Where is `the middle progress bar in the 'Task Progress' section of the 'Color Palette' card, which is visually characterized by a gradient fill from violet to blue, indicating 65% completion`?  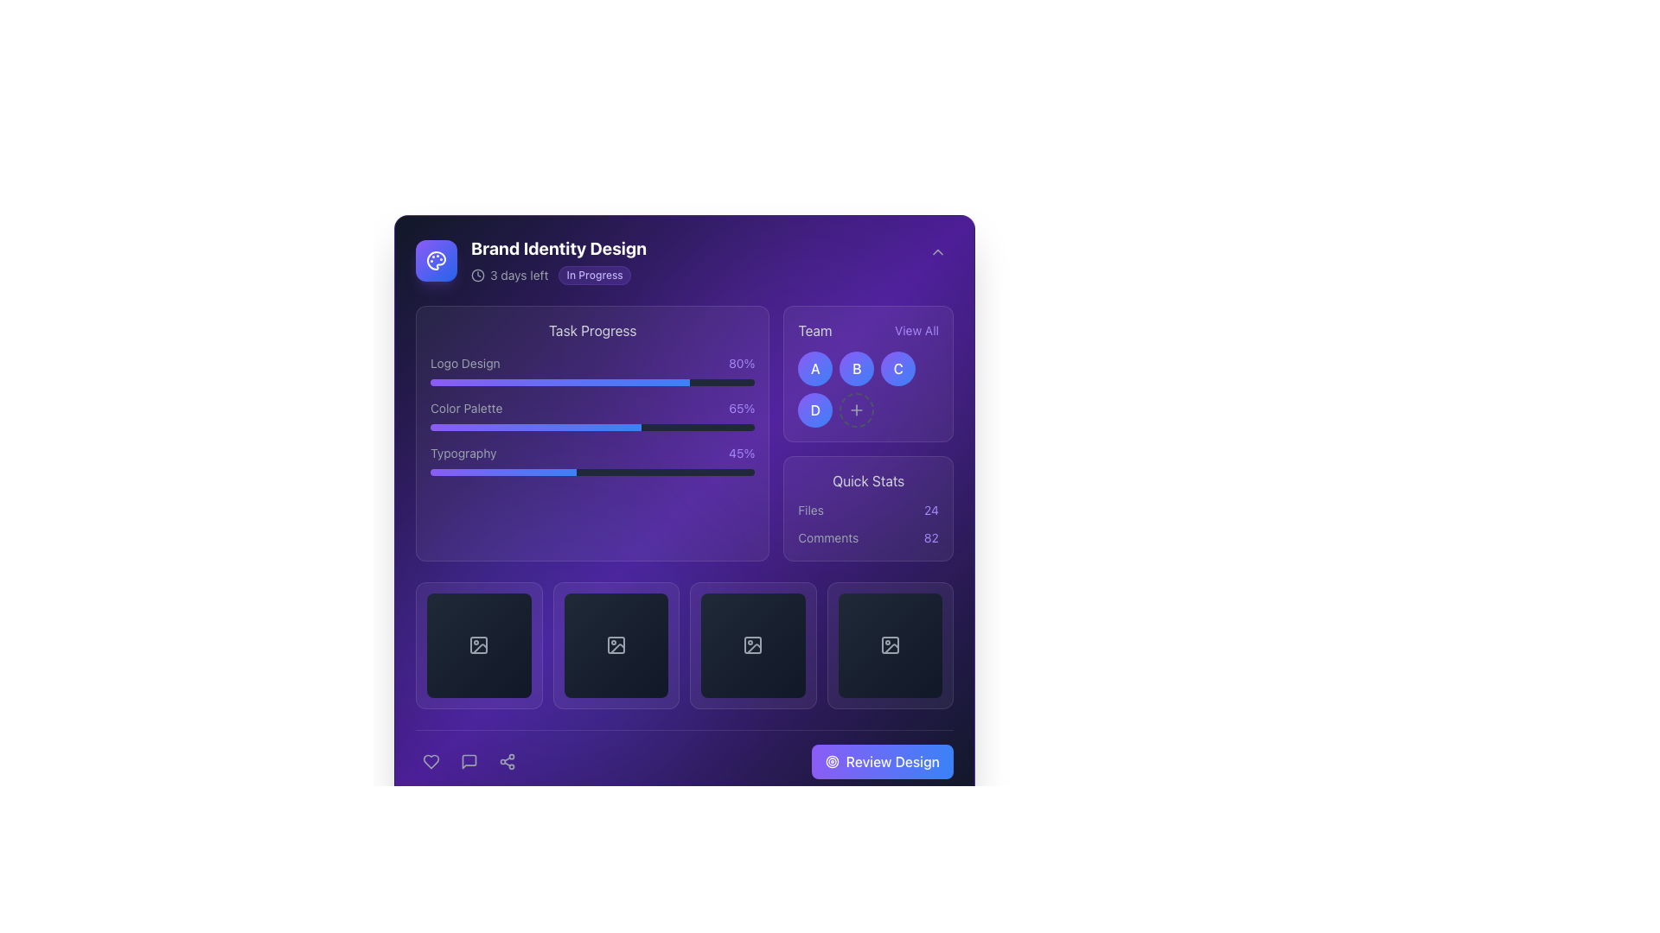
the middle progress bar in the 'Task Progress' section of the 'Color Palette' card, which is visually characterized by a gradient fill from violet to blue, indicating 65% completion is located at coordinates (534, 427).